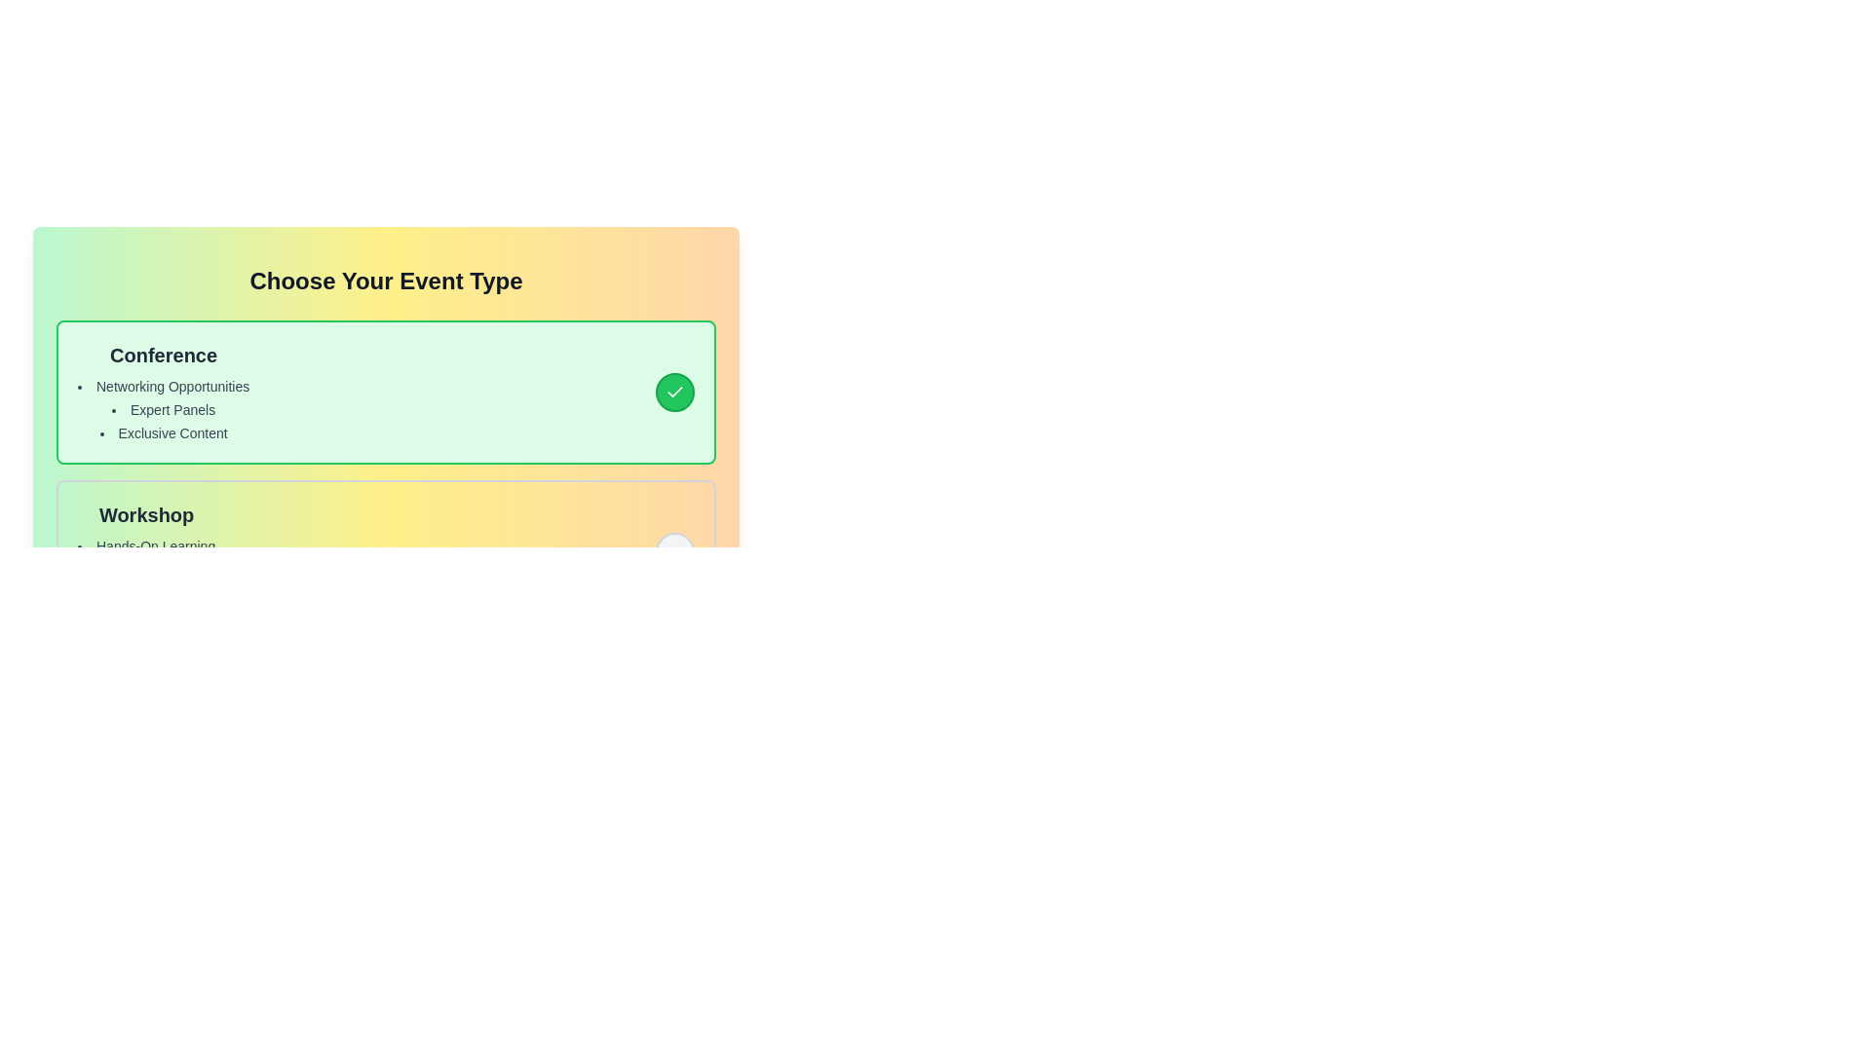 Image resolution: width=1871 pixels, height=1052 pixels. I want to click on the circular button with a light gray background located to the right of the 'Workshop' section, so click(674, 552).